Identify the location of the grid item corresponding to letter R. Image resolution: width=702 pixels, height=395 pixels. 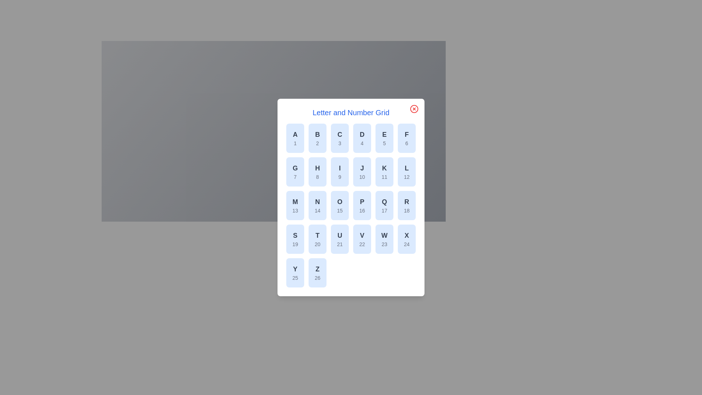
(406, 206).